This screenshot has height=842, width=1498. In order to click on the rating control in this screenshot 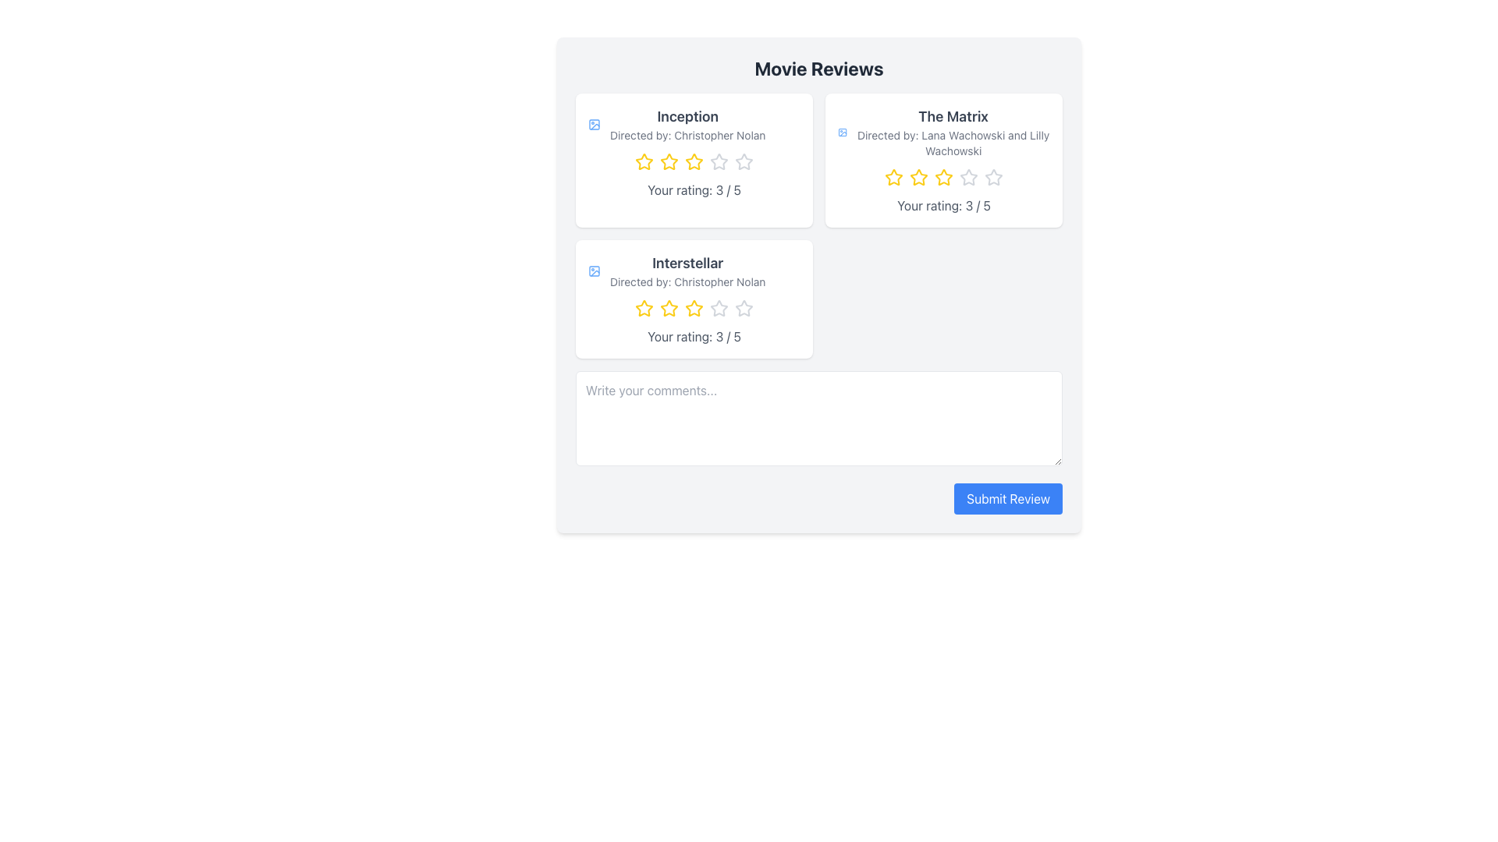, I will do `click(693, 162)`.